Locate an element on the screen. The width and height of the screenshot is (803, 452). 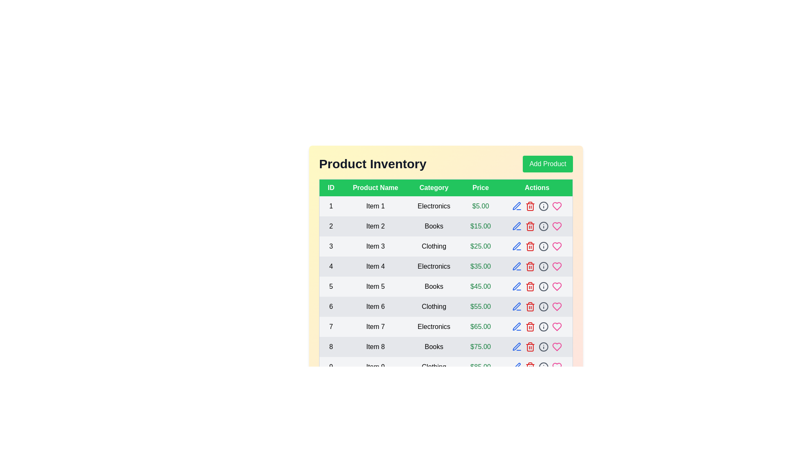
the header ID to sort or filter the table is located at coordinates (330, 187).